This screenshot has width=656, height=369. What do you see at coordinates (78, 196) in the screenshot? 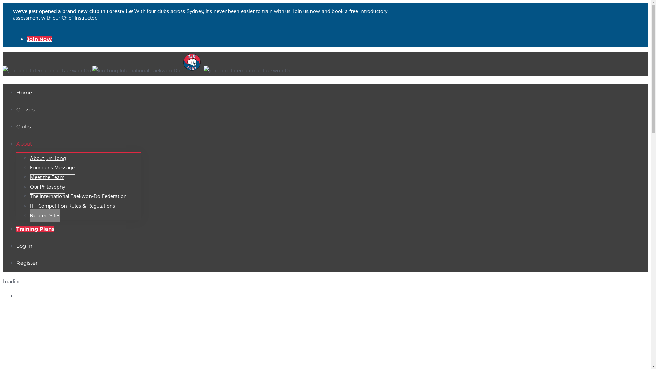
I see `'The International Taekwon-Do Federation'` at bounding box center [78, 196].